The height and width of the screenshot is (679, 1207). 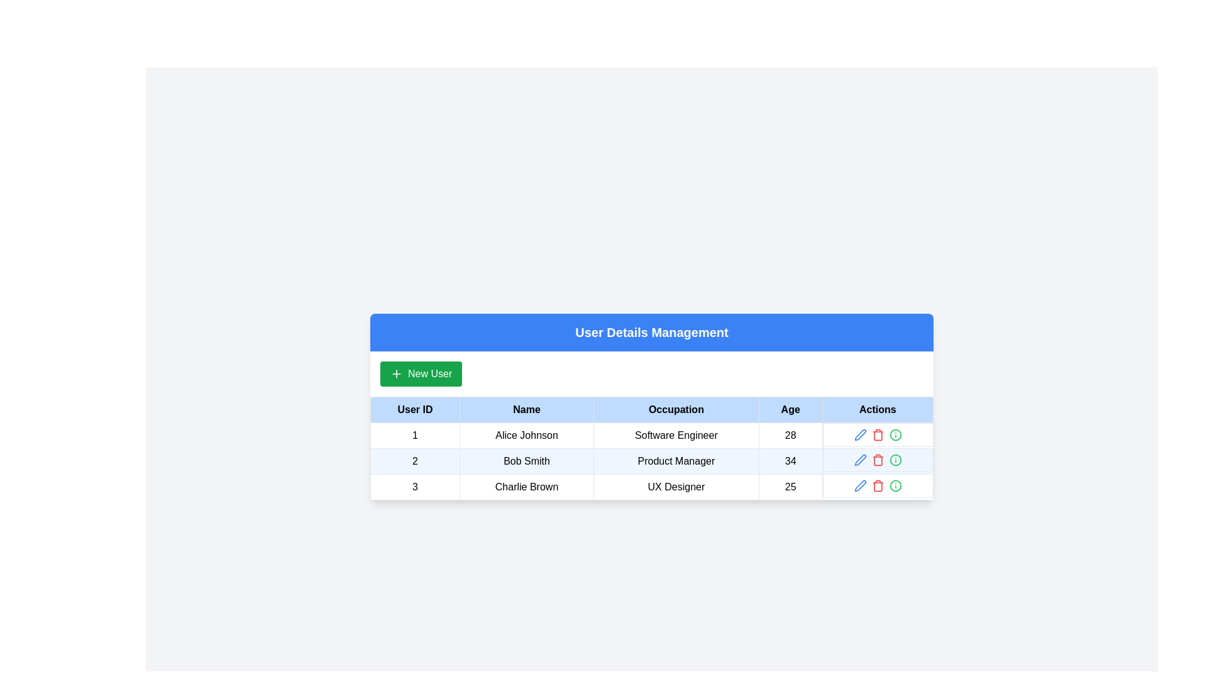 What do you see at coordinates (395, 373) in the screenshot?
I see `the plus icon located to the left of the 'New User' text within the green button in the upper-left corner of the user management interface` at bounding box center [395, 373].